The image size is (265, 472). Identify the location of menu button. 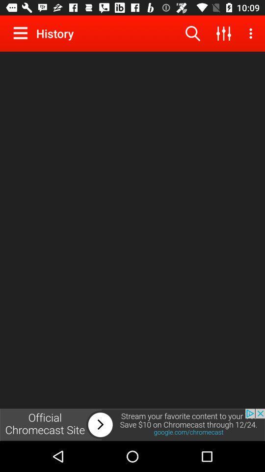
(23, 33).